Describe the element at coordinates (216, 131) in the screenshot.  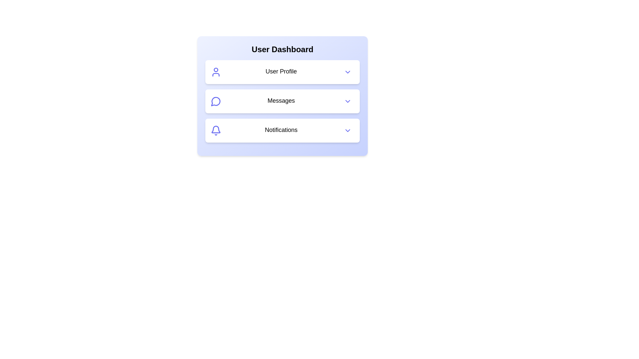
I see `the icon corresponding to Notifications` at that location.